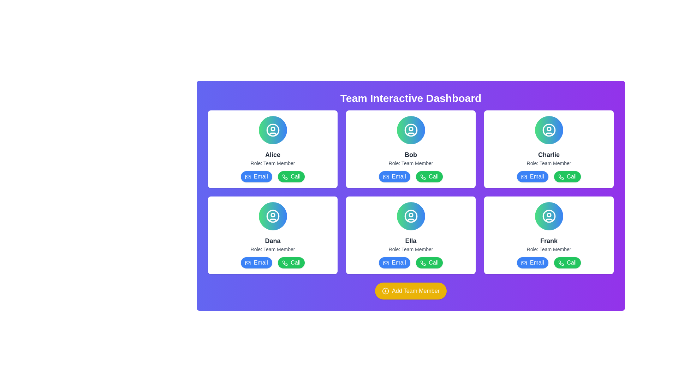 This screenshot has width=678, height=381. Describe the element at coordinates (385, 291) in the screenshot. I see `the circular '+' icon within the 'Add Team Member' button that has a yellow background, located at the bottom center of the dashboard` at that location.